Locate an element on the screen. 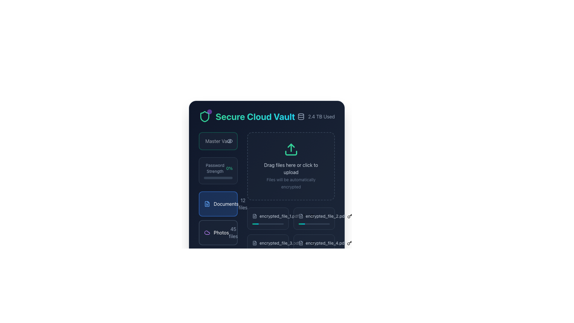  the password strength indicator text label located to the right of the 'Password Strength' label in the bottom-left section of the interface is located at coordinates (229, 168).